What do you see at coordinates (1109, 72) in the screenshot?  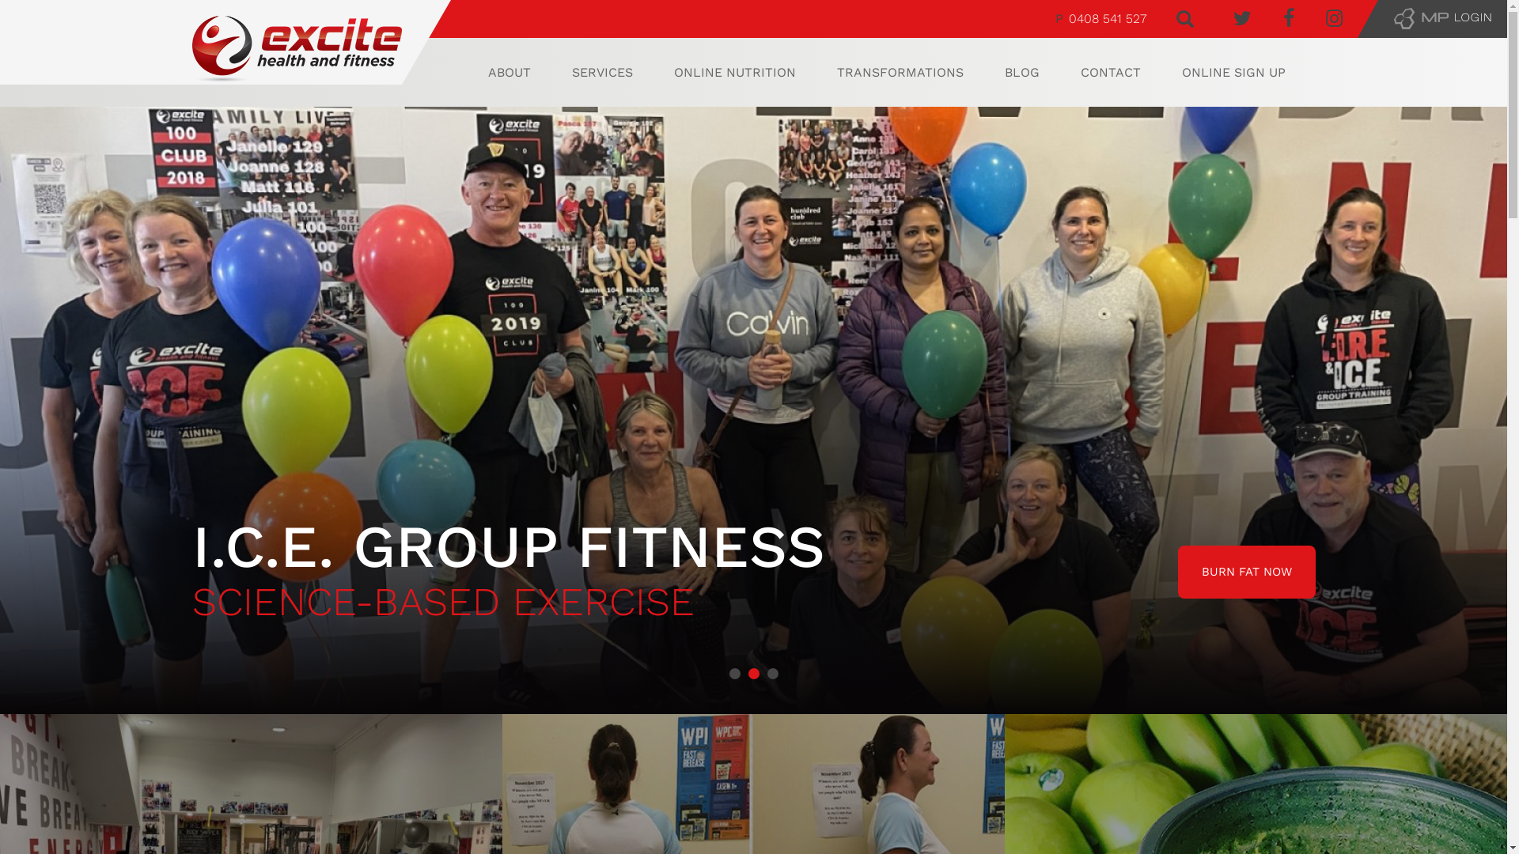 I see `'CONTACT'` at bounding box center [1109, 72].